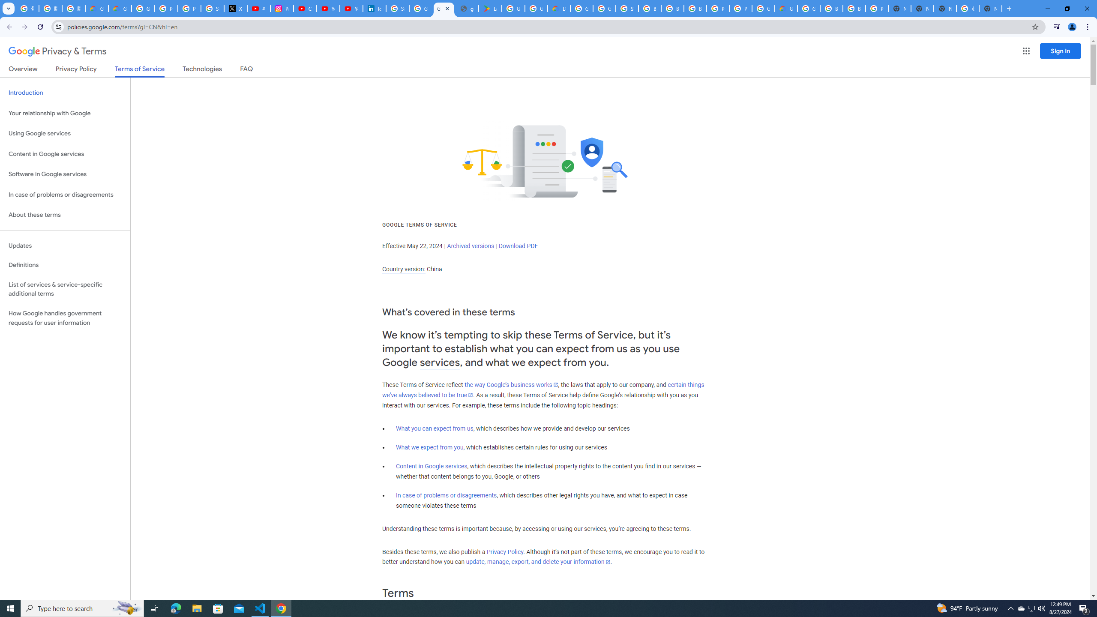 This screenshot has width=1097, height=617. What do you see at coordinates (8, 27) in the screenshot?
I see `'Back'` at bounding box center [8, 27].